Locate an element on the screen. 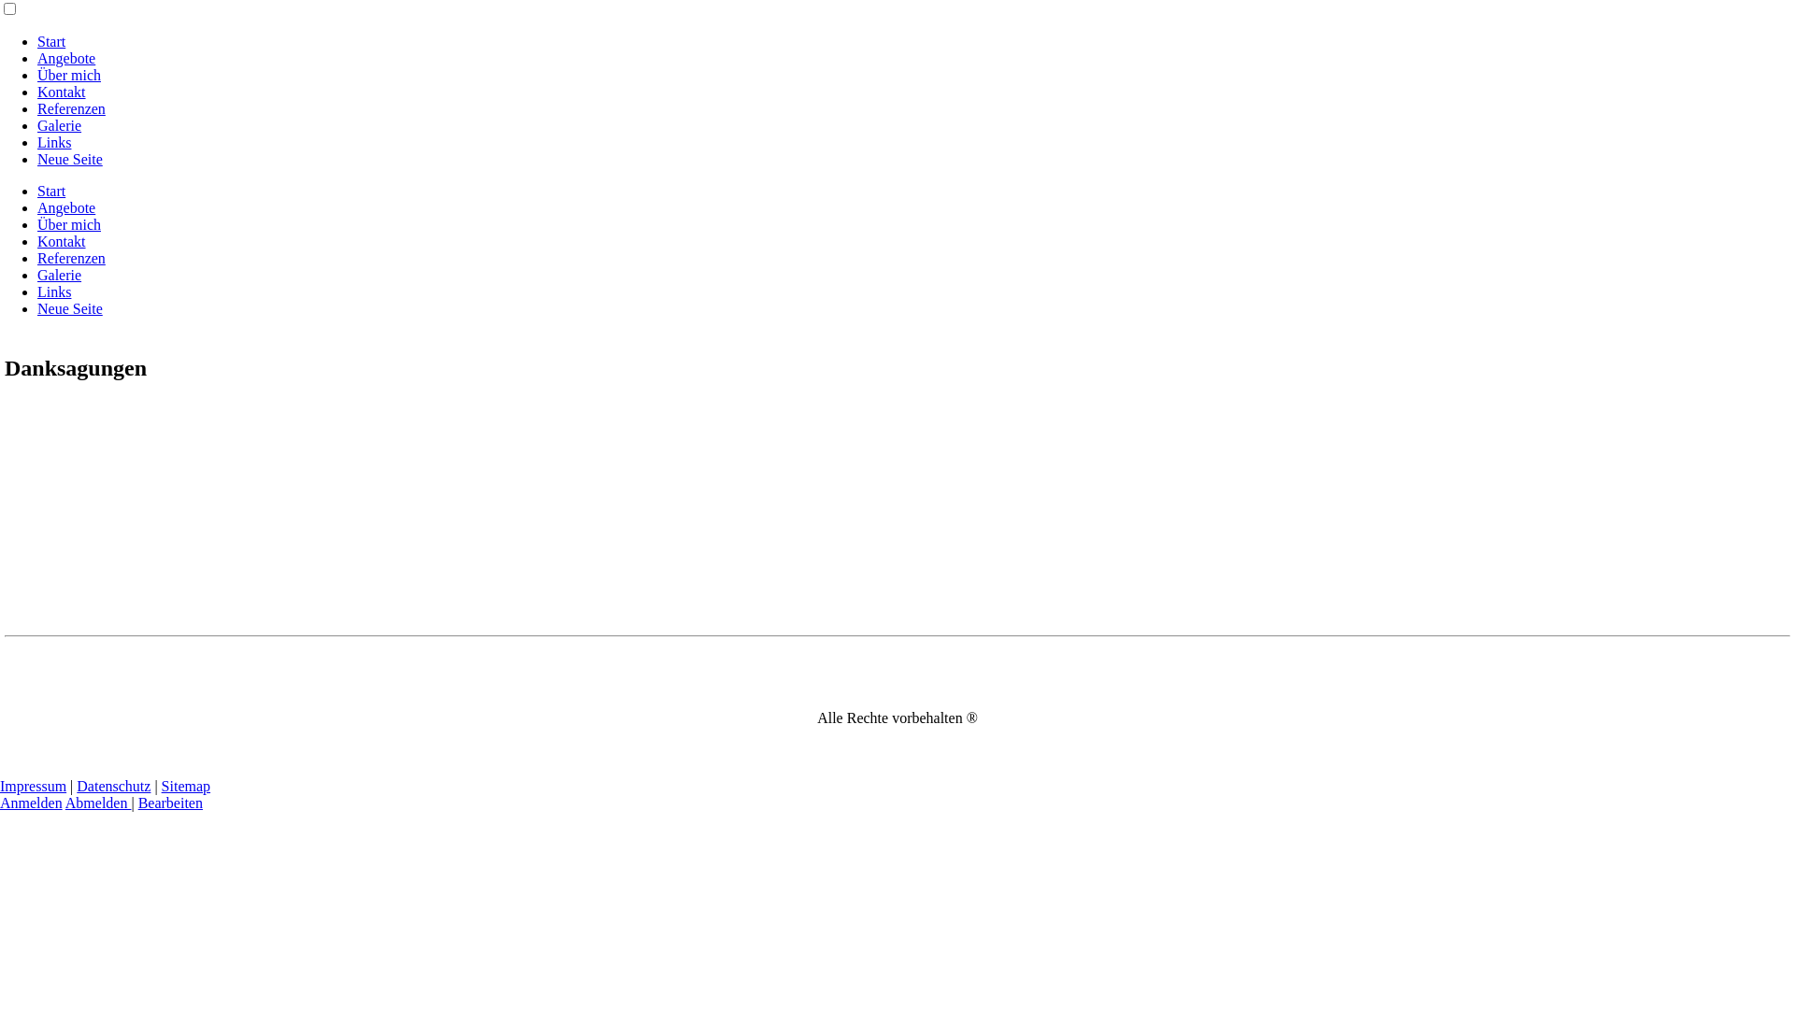 The height and width of the screenshot is (1009, 1795). 'Angebote' is located at coordinates (66, 207).